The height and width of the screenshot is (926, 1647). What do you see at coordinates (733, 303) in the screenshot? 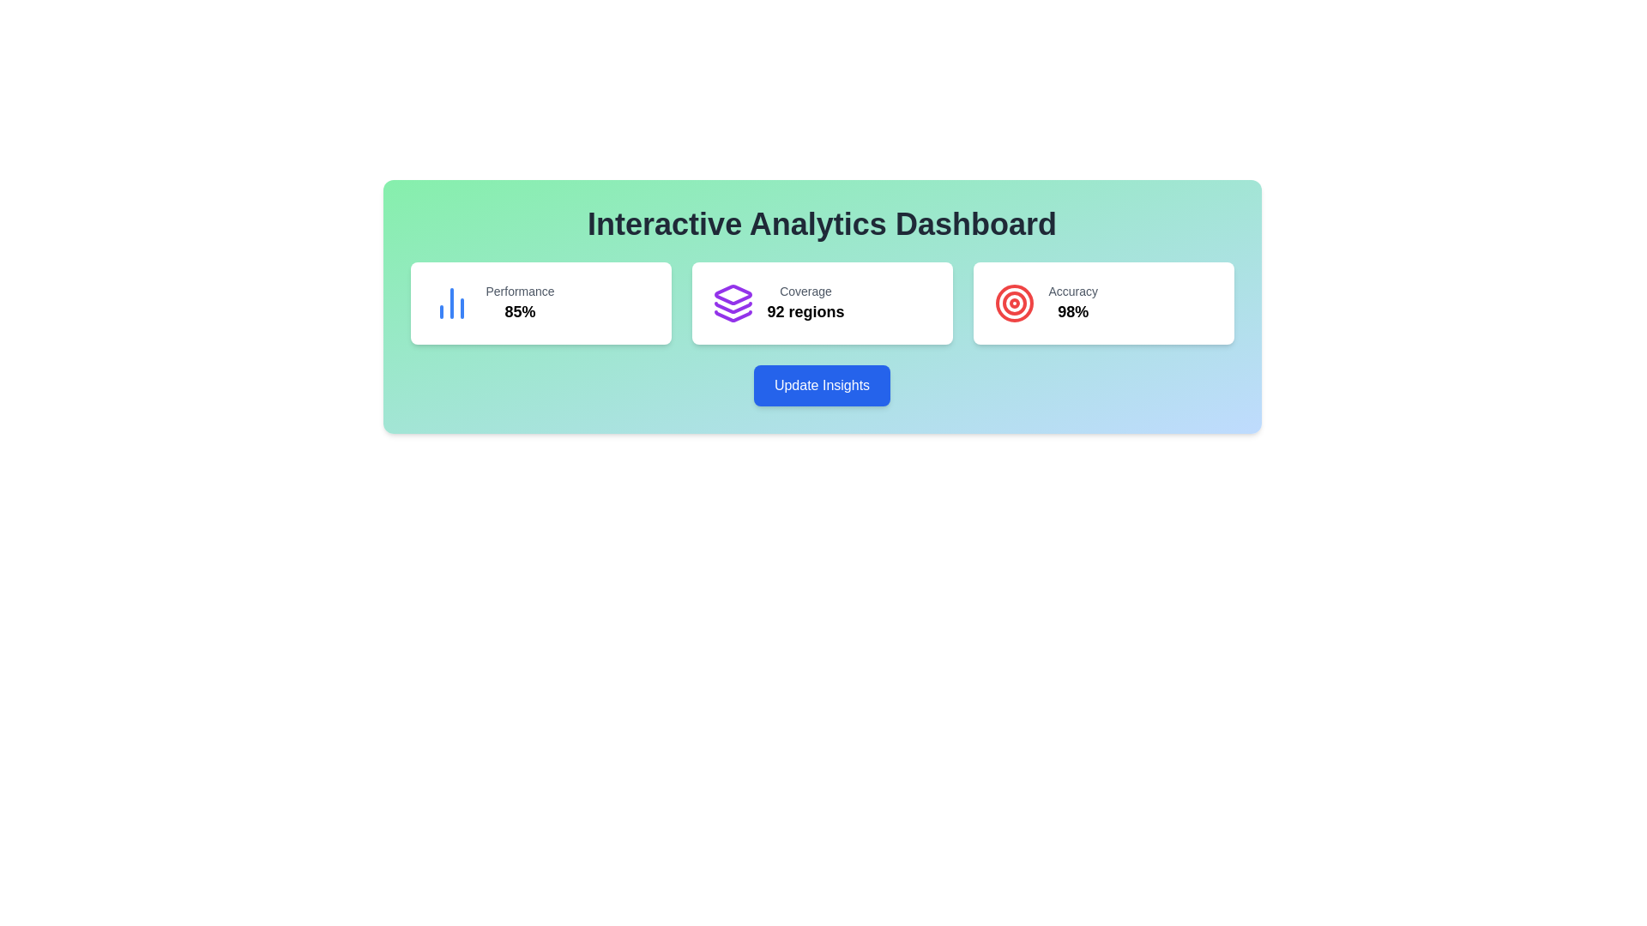
I see `the stack icon with a purple outline, which is centrally placed in the 'Coverage' card, to associate it with the coverage context` at bounding box center [733, 303].